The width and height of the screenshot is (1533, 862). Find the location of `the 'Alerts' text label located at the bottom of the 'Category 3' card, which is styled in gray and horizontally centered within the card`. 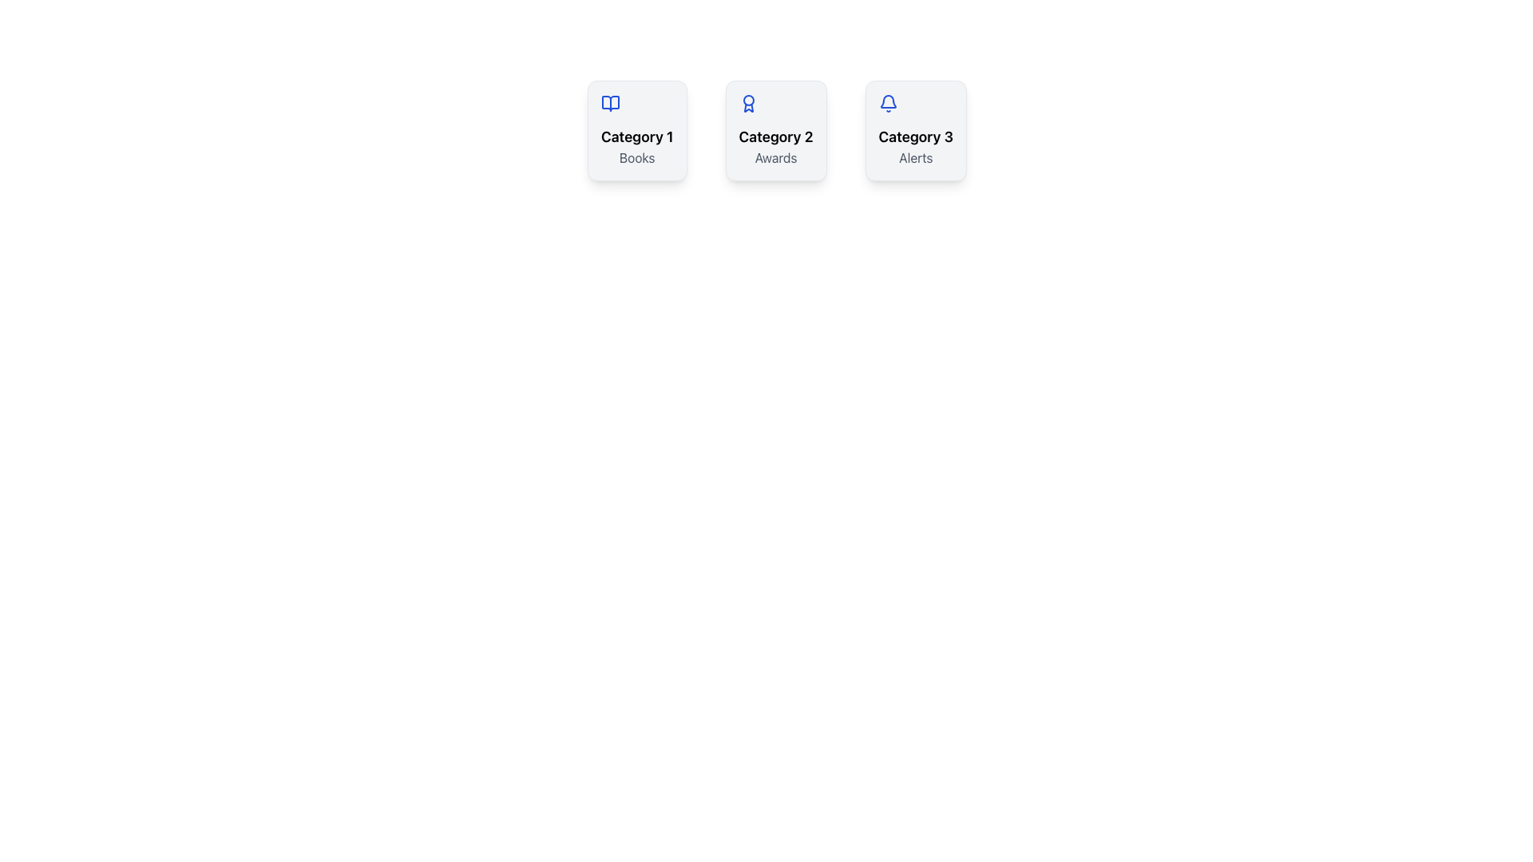

the 'Alerts' text label located at the bottom of the 'Category 3' card, which is styled in gray and horizontally centered within the card is located at coordinates (916, 157).